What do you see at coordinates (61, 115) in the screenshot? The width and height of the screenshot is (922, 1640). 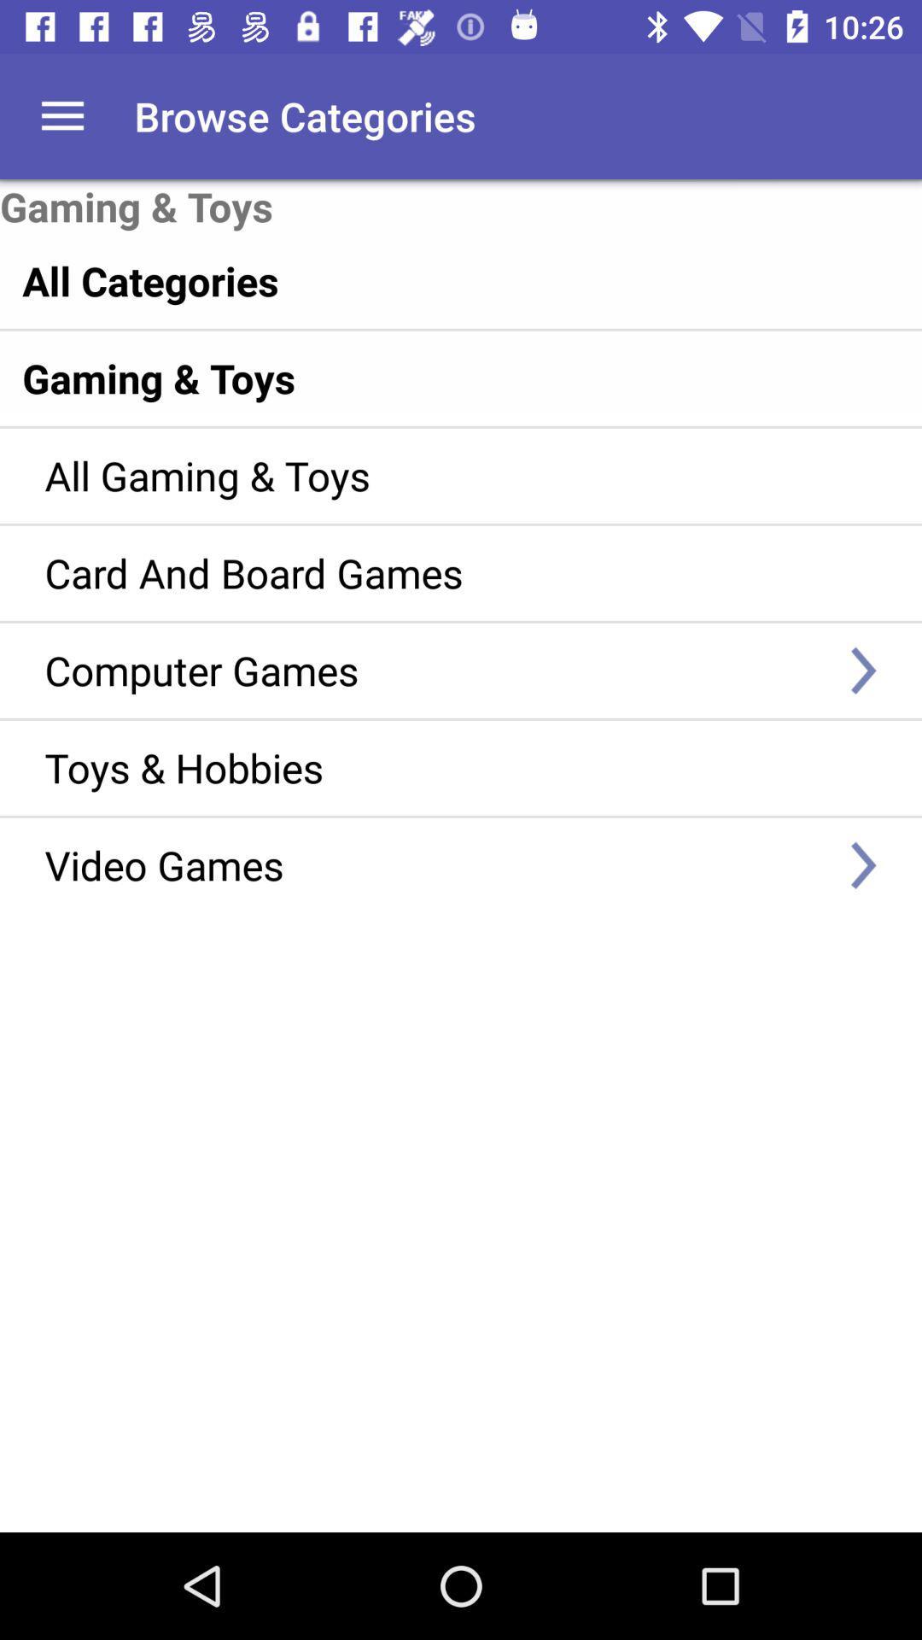 I see `the item above the gaming & toys` at bounding box center [61, 115].